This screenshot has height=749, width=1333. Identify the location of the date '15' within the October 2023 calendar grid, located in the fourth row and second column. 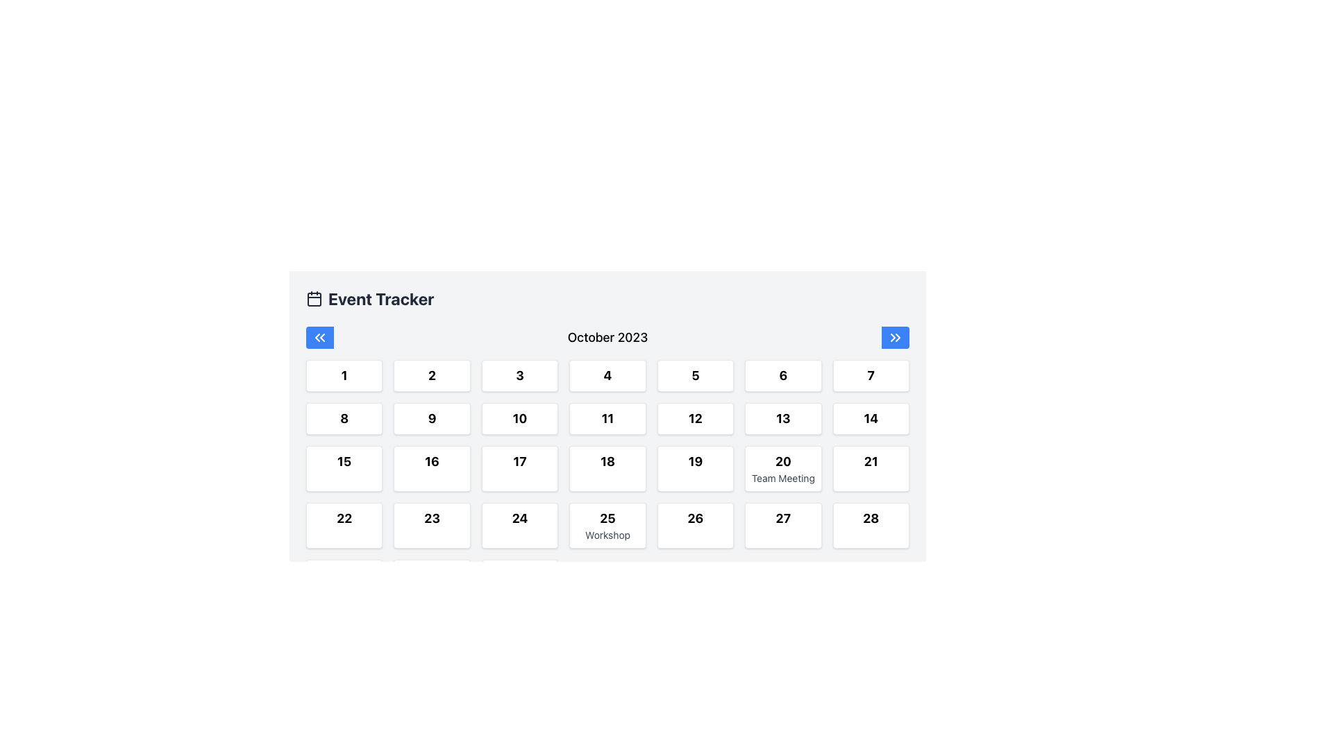
(344, 462).